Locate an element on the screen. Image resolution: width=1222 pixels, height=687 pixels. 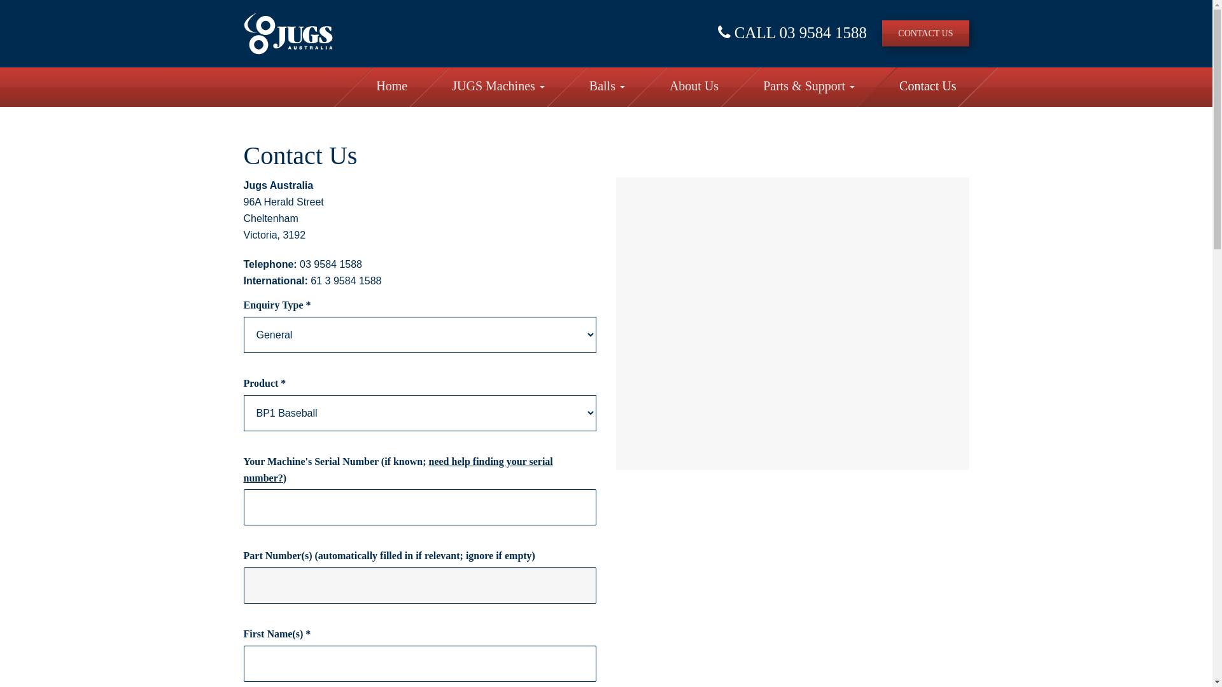
'CALL 03 9584 1588' is located at coordinates (791, 32).